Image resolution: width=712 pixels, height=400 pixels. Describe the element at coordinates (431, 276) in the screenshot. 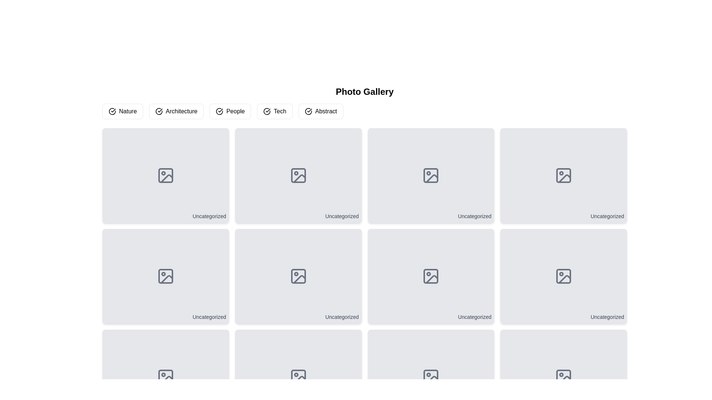

I see `the image placeholder icon located in the third row, fourth column of the grid layout, which has the text 'Uncategorized' below it` at that location.